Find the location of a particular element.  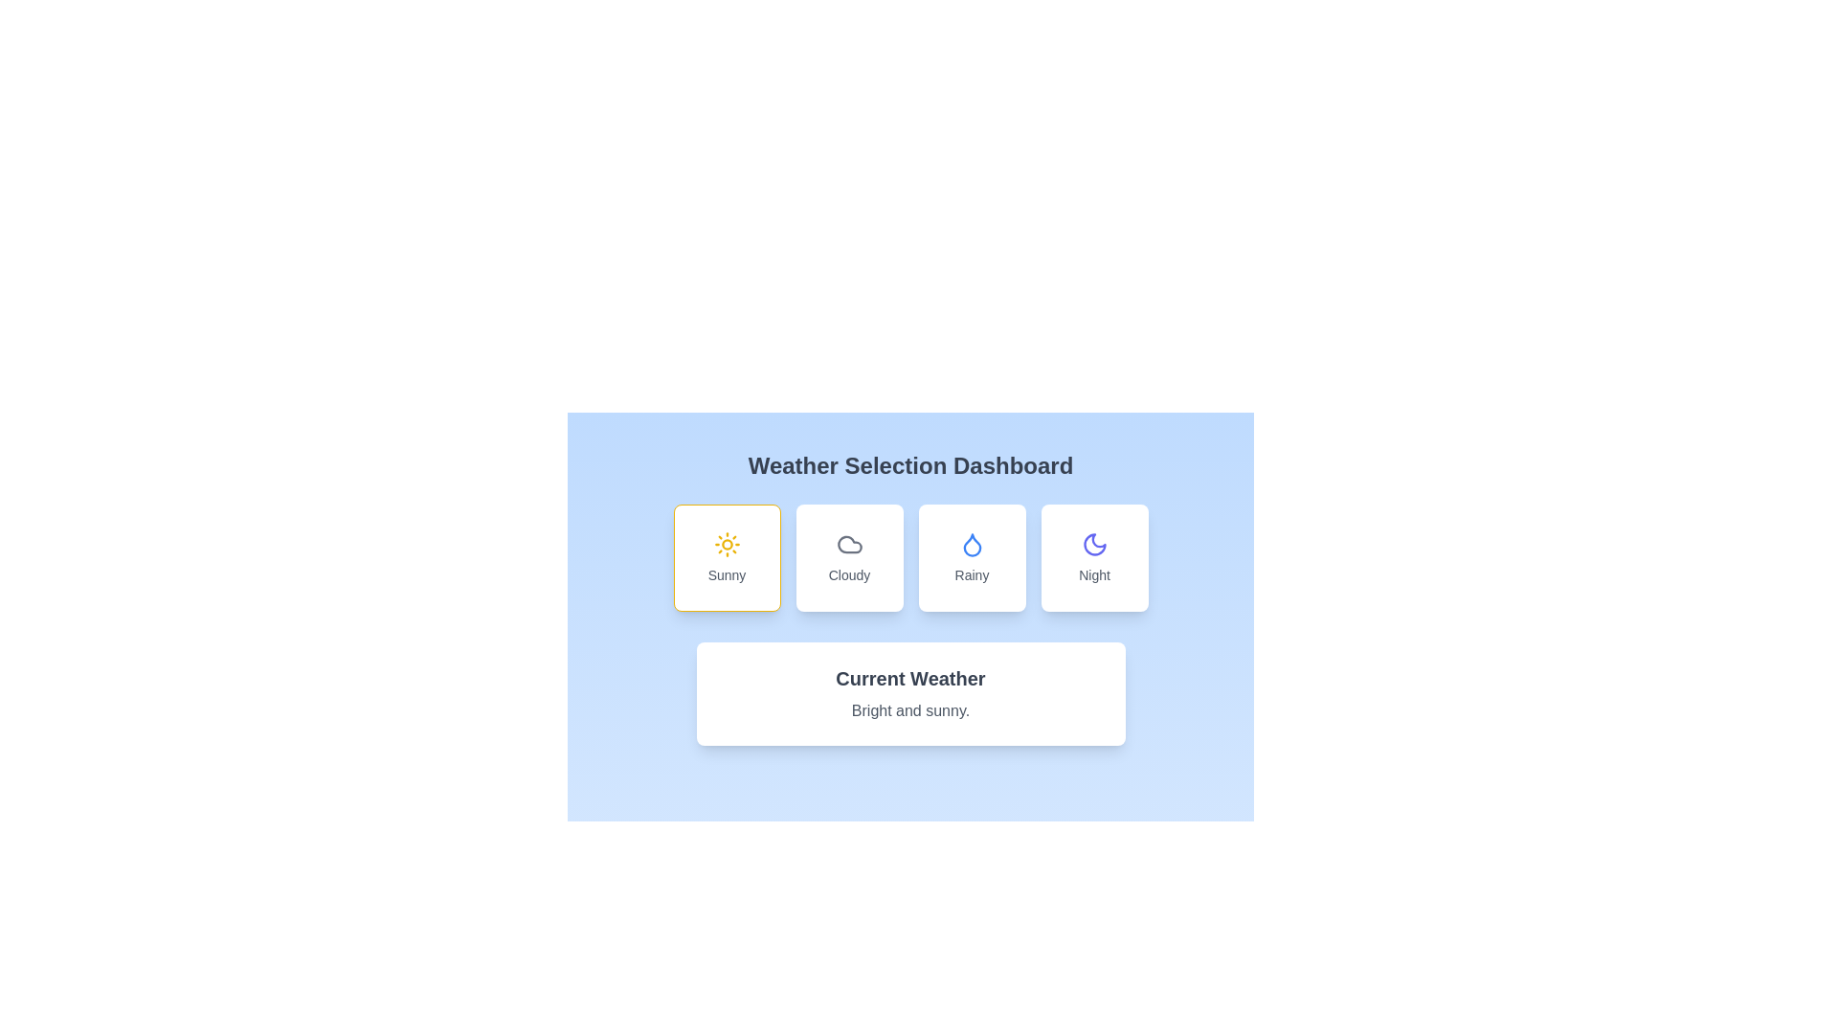

the 'Sunny' weather selection card, which features a sun icon in yellow and is outlined in yellow is located at coordinates (726, 557).